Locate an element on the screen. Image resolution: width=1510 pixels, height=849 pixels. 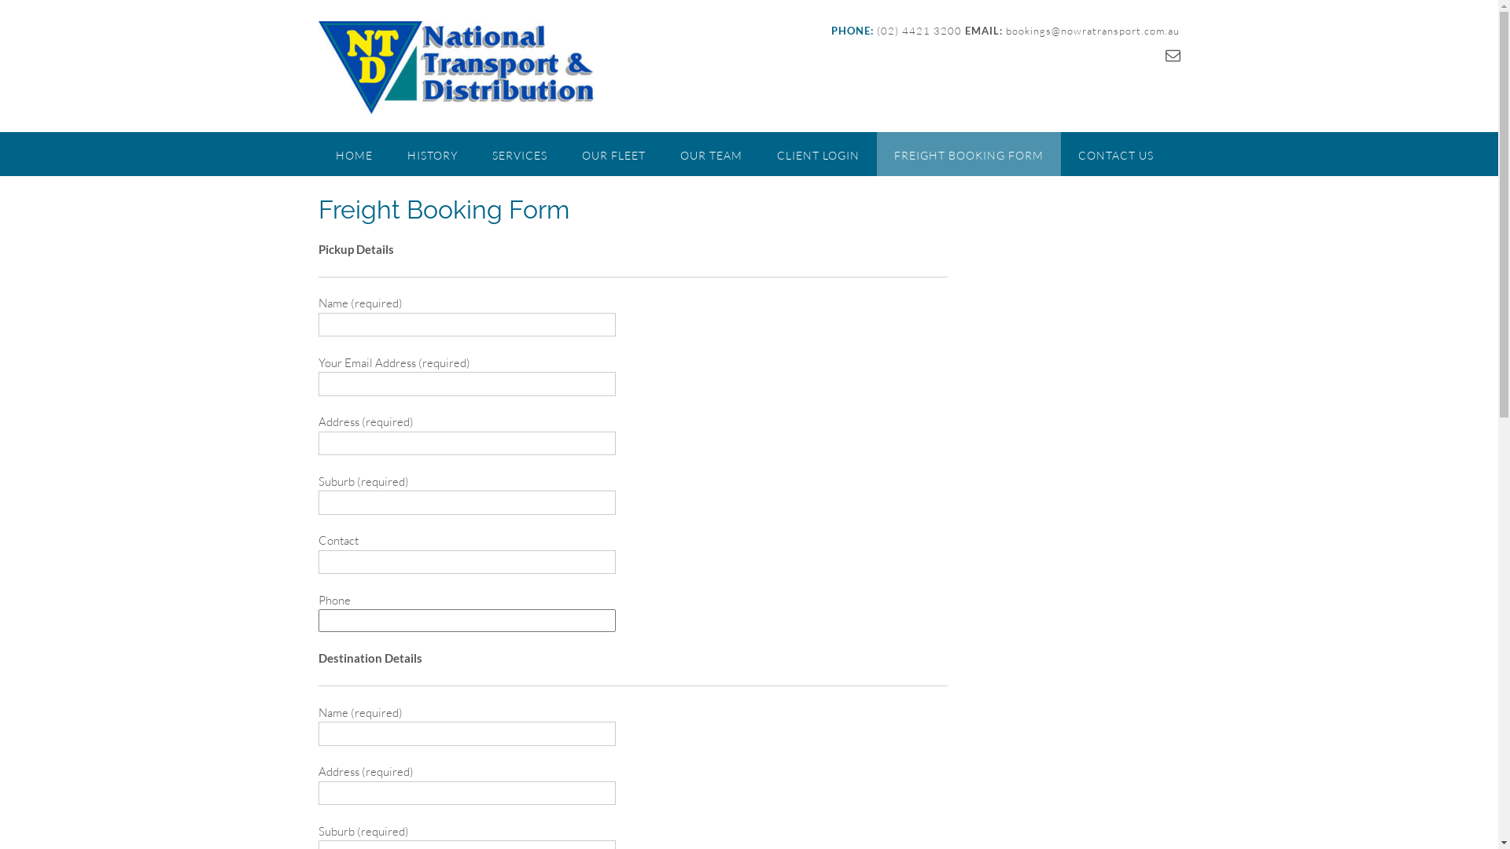
'OUR TEAM' is located at coordinates (661, 154).